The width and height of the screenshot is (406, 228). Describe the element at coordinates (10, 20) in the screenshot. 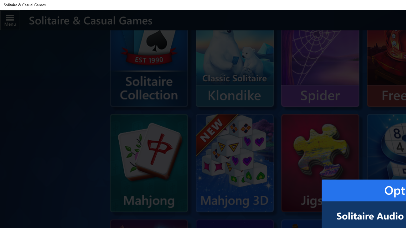

I see `'Menu'` at that location.